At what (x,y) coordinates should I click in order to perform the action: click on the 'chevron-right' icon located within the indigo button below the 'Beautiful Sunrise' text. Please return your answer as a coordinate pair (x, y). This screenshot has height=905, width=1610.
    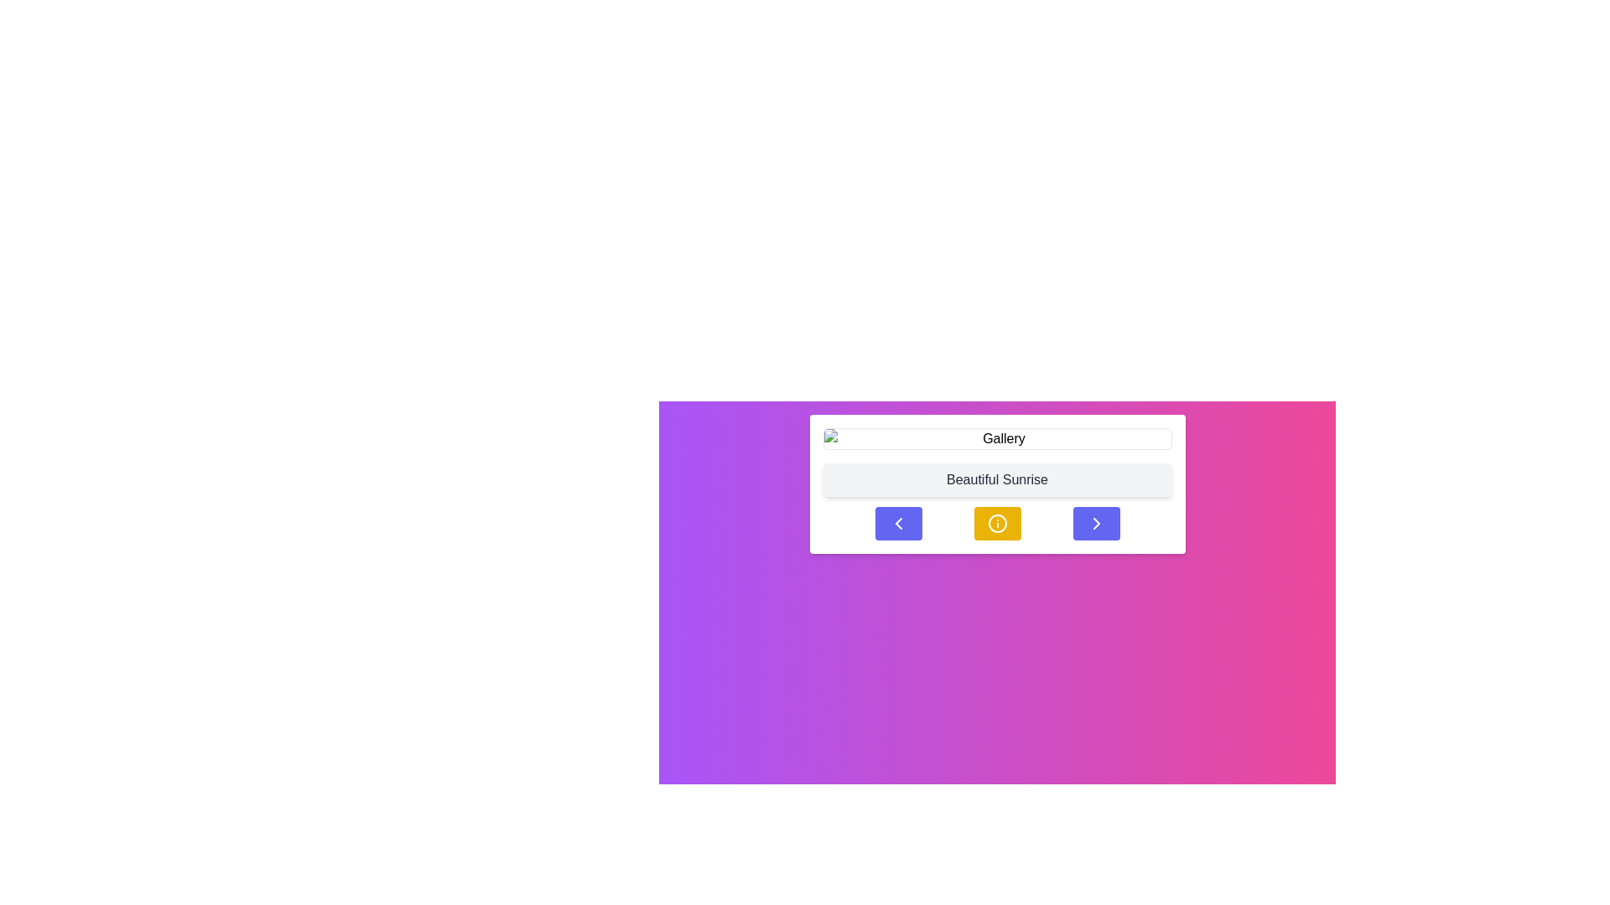
    Looking at the image, I should click on (1096, 522).